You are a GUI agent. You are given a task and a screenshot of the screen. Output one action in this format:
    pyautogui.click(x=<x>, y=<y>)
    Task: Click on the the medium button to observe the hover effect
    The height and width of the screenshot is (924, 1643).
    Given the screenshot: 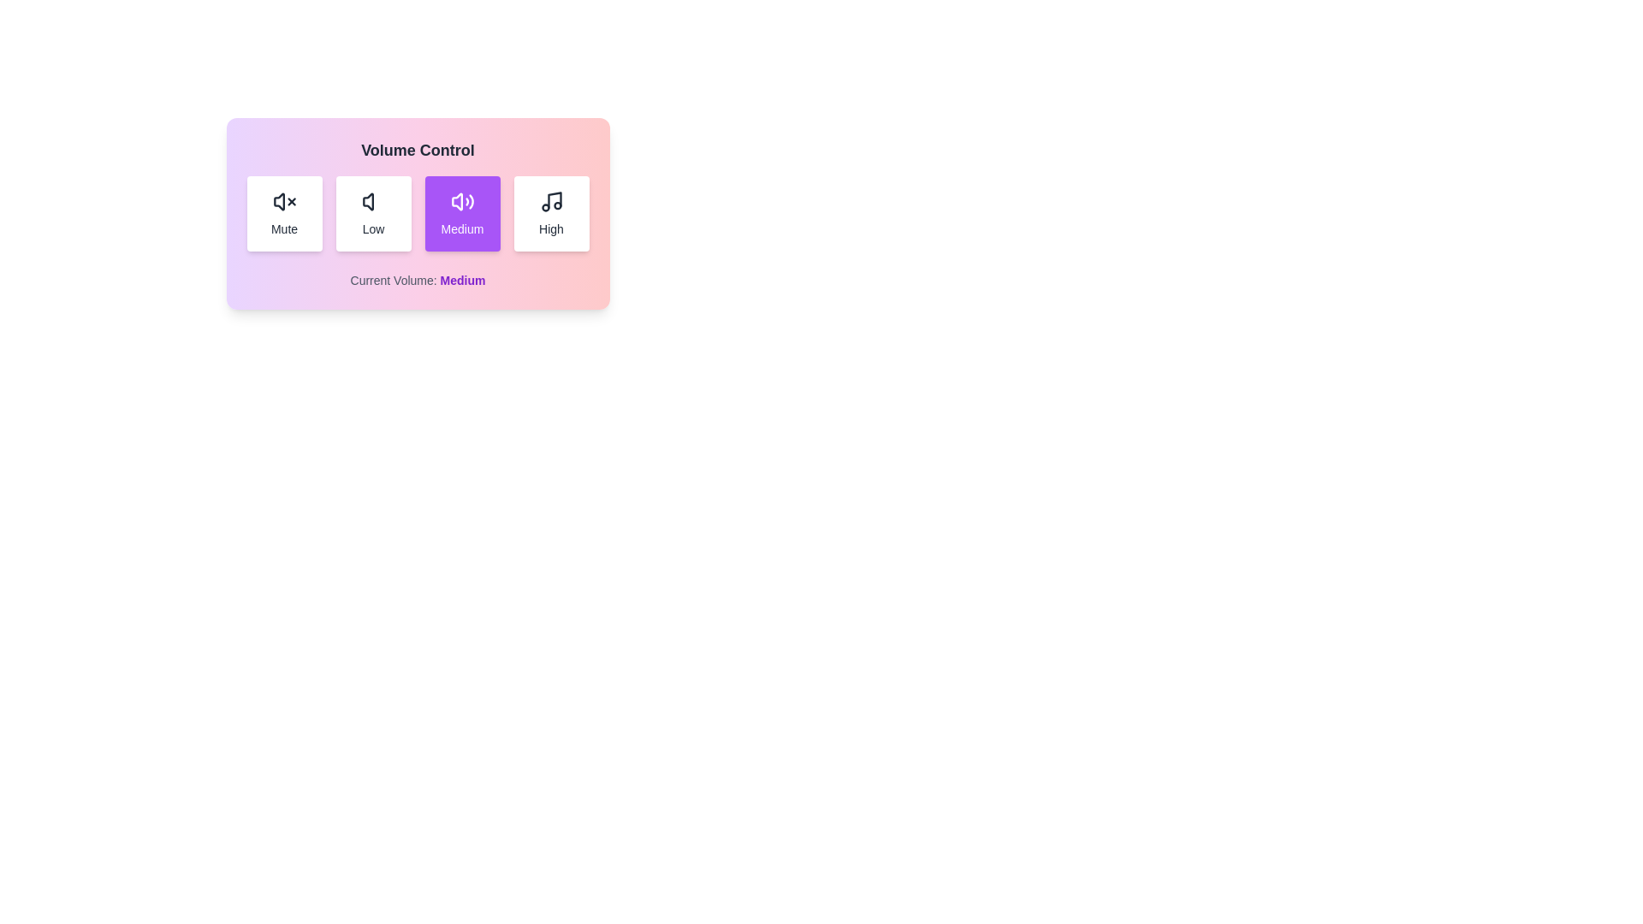 What is the action you would take?
    pyautogui.click(x=462, y=213)
    